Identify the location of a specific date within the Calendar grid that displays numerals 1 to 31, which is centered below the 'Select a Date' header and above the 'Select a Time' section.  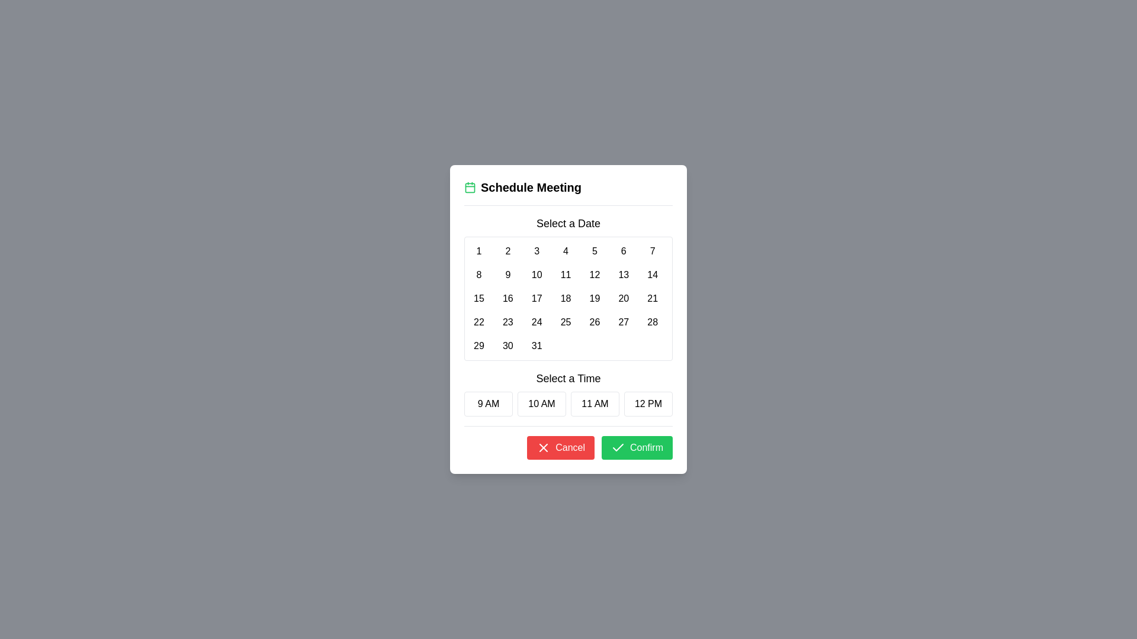
(568, 298).